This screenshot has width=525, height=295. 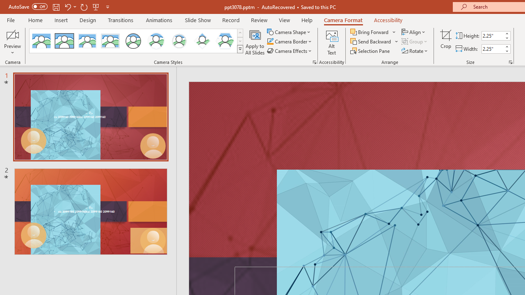 What do you see at coordinates (374, 41) in the screenshot?
I see `'Send Backward'` at bounding box center [374, 41].